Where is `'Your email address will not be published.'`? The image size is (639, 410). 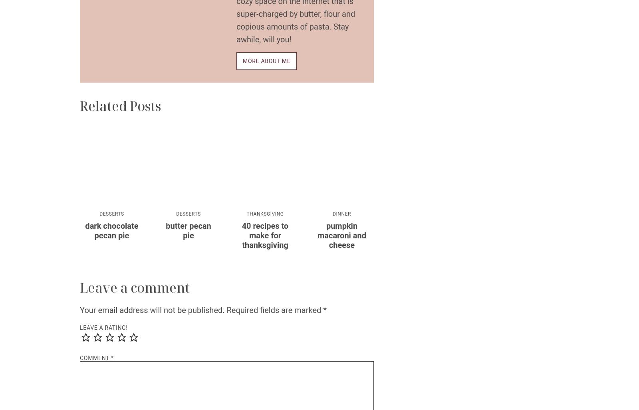 'Your email address will not be published.' is located at coordinates (152, 309).